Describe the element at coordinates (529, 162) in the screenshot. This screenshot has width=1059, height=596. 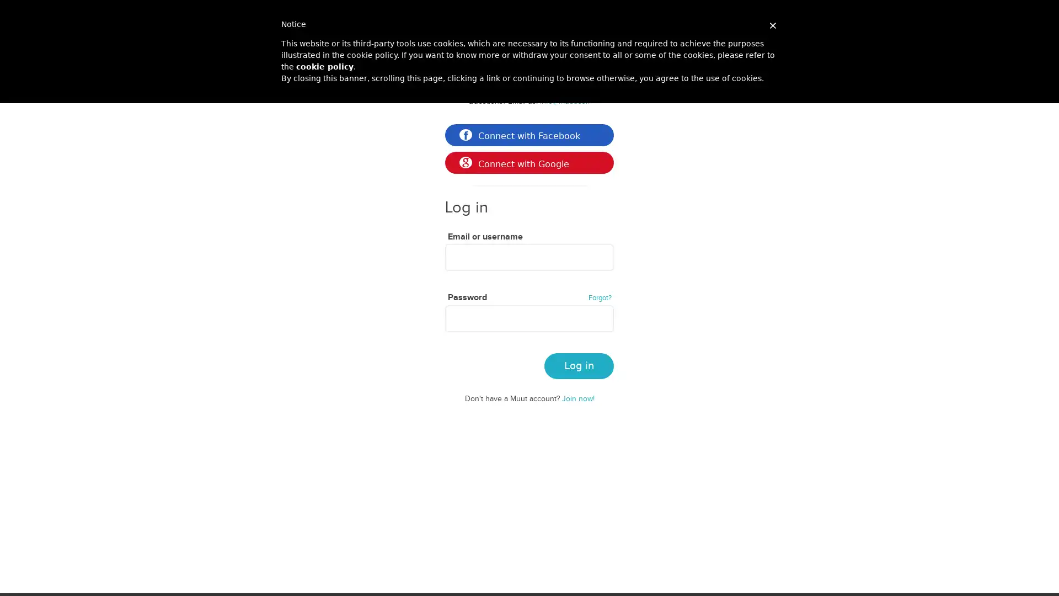
I see `J Connect with Google` at that location.